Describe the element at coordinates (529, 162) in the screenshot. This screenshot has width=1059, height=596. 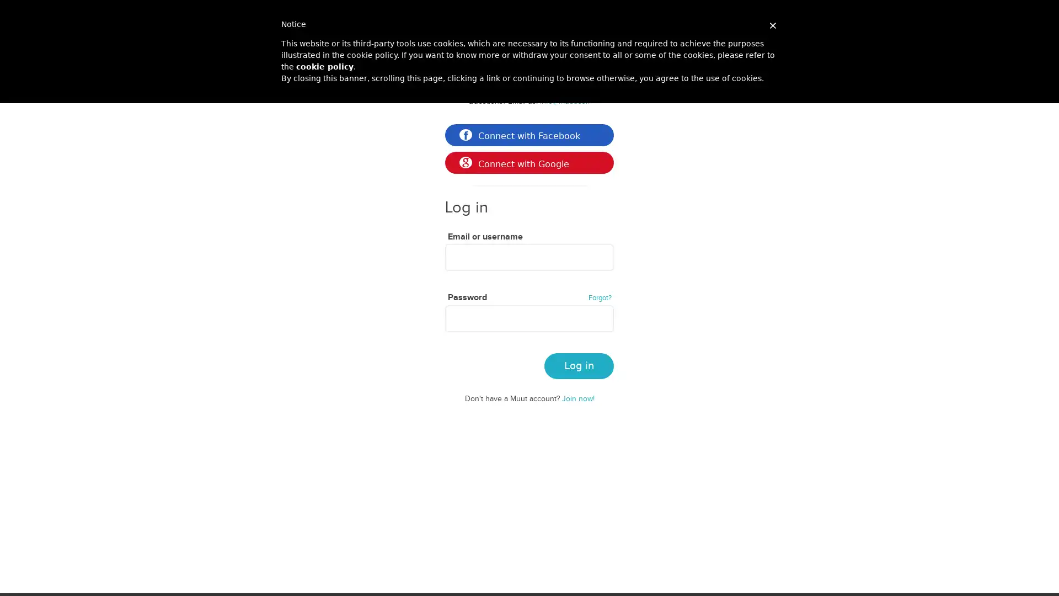
I see `J Connect with Google` at that location.